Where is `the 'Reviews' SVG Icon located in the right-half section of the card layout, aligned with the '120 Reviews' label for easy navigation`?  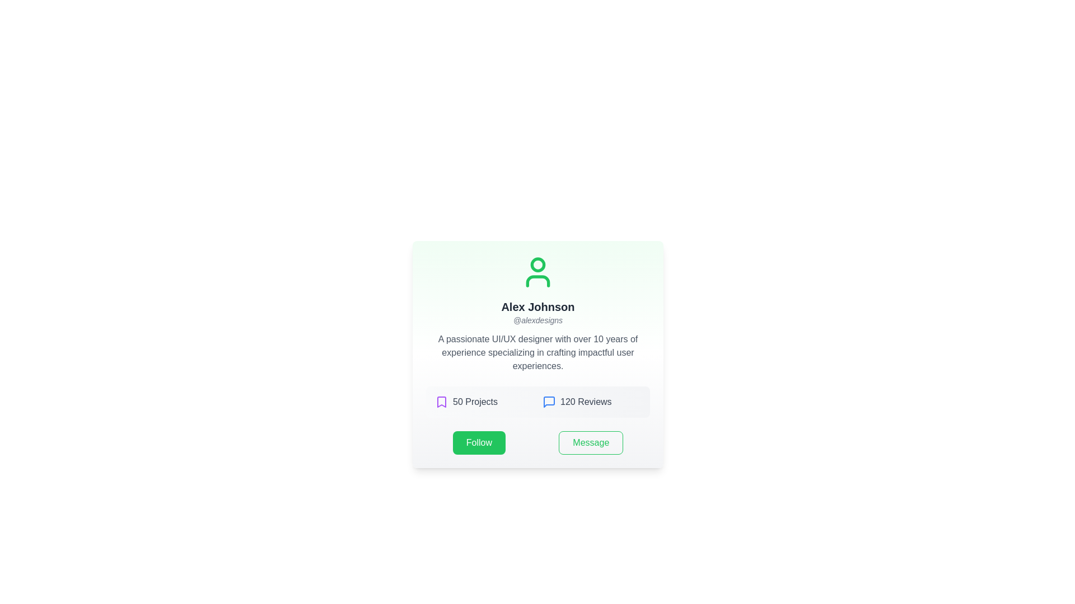
the 'Reviews' SVG Icon located in the right-half section of the card layout, aligned with the '120 Reviews' label for easy navigation is located at coordinates (549, 401).